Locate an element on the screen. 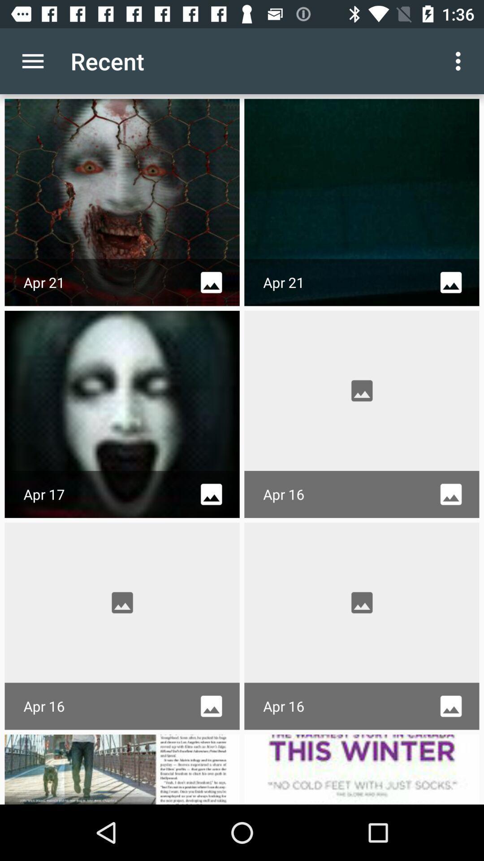  the image in which dog appears is located at coordinates (122, 769).